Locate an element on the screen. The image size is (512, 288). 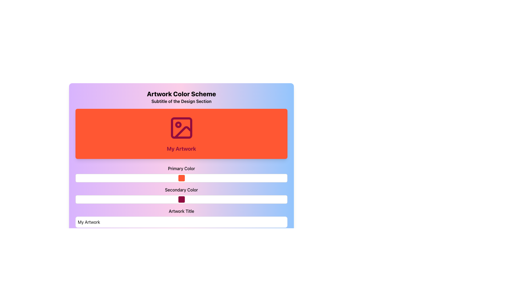
the icon and text on the Card with a bright orange background and 'My Artwork' text, which is located in the Artwork Color Scheme section is located at coordinates (181, 133).